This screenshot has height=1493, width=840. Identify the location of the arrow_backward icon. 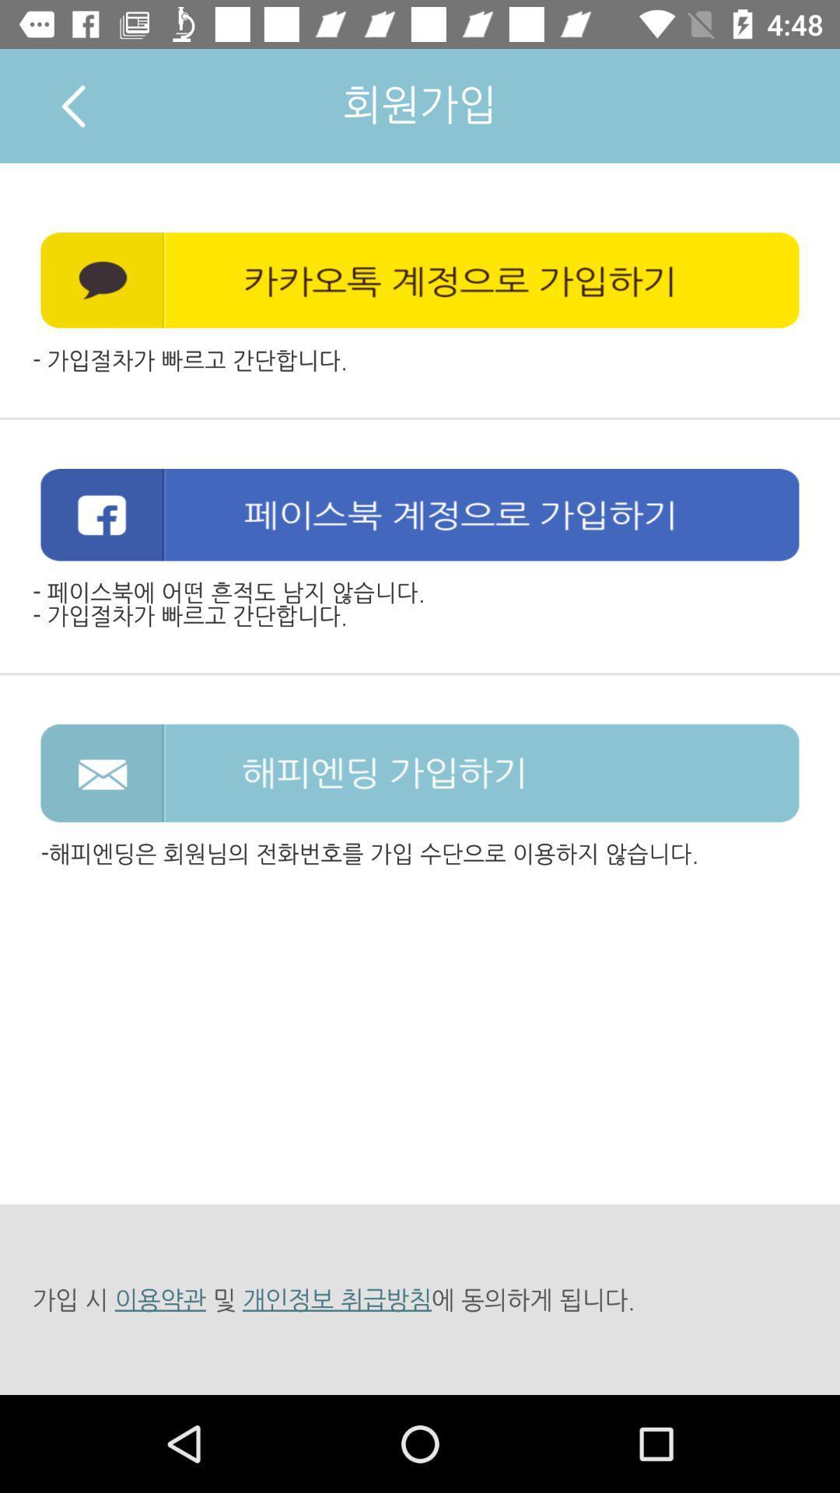
(73, 105).